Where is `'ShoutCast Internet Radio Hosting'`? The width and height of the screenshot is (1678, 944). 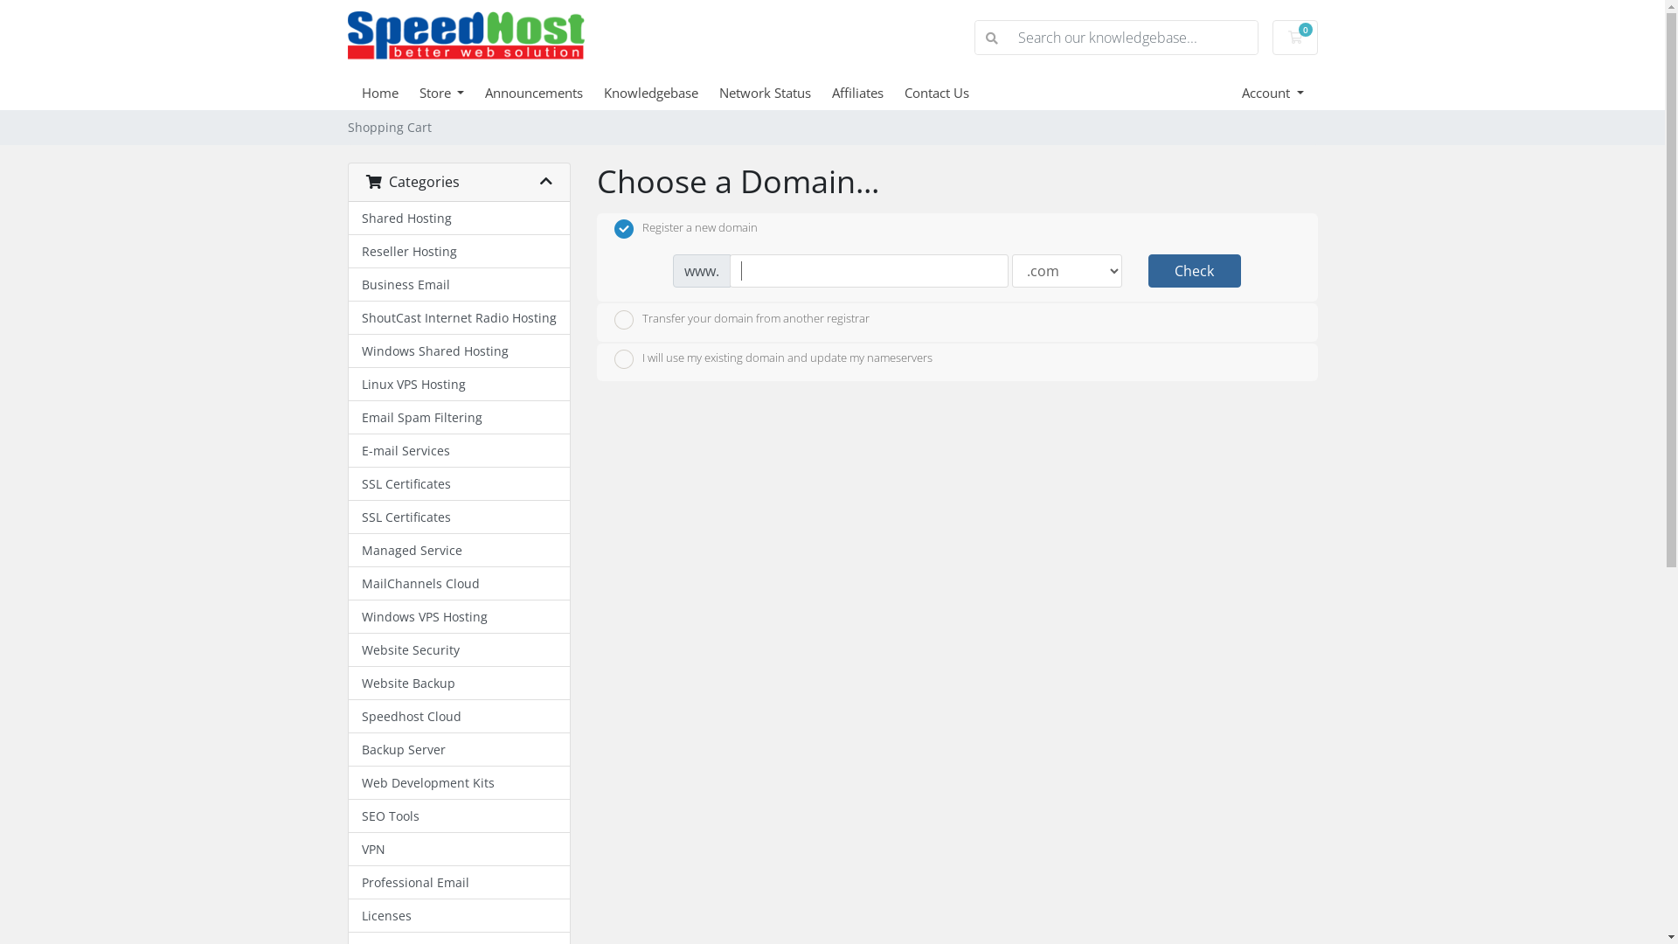
'ShoutCast Internet Radio Hosting' is located at coordinates (348, 317).